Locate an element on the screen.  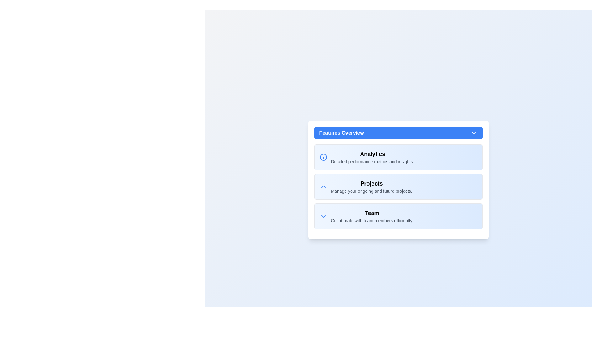
the gray text label that reads 'Collaborate with team members efficiently.' located under the bolded title 'Team' in the dropdown menu of options is located at coordinates (372, 220).